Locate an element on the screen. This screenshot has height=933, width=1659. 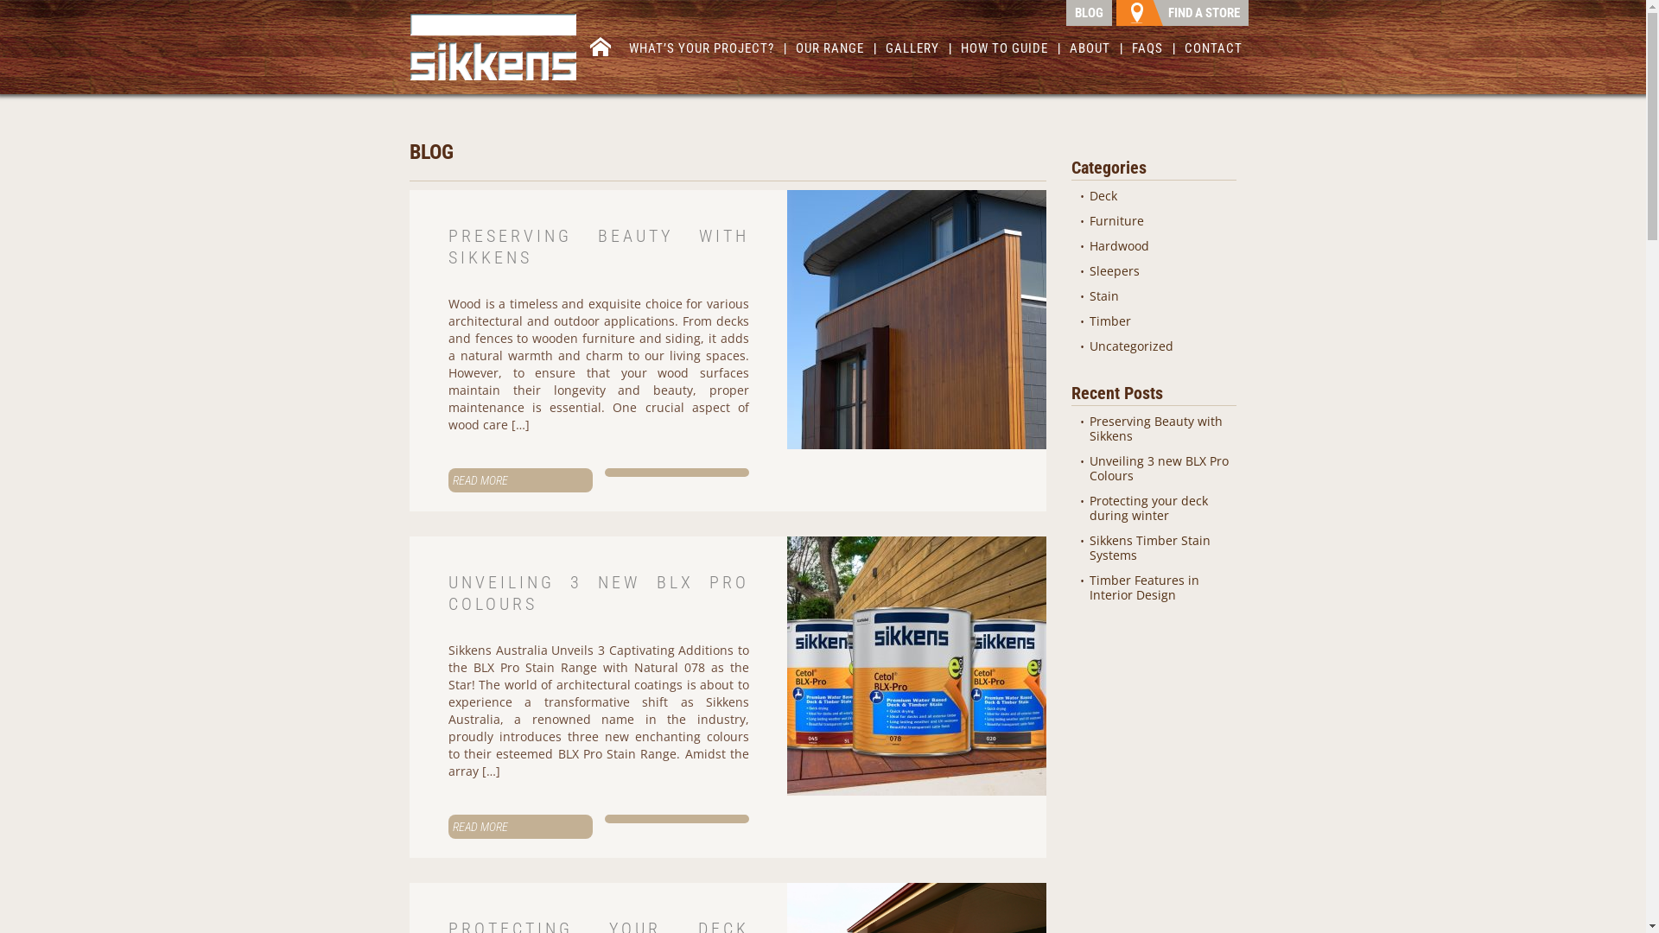
'GALLERY' is located at coordinates (912, 52).